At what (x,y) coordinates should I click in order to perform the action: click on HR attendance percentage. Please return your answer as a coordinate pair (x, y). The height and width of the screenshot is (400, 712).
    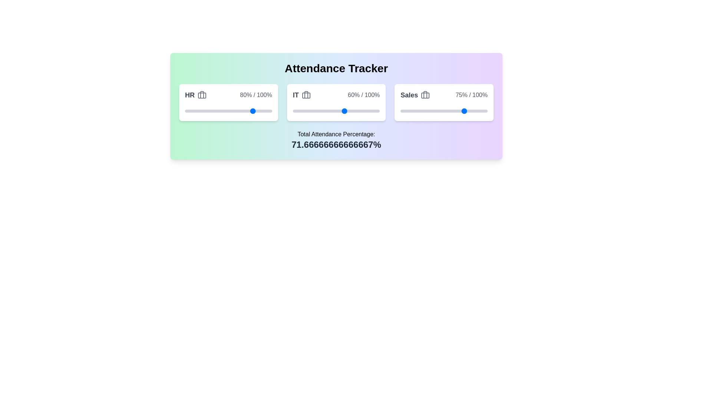
    Looking at the image, I should click on (192, 111).